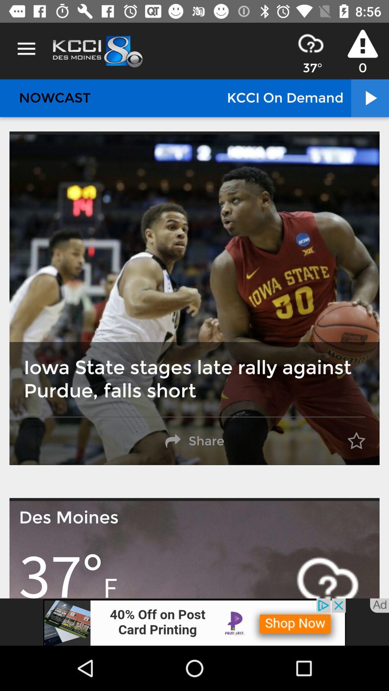 This screenshot has width=389, height=691. I want to click on click advertisement, so click(194, 622).